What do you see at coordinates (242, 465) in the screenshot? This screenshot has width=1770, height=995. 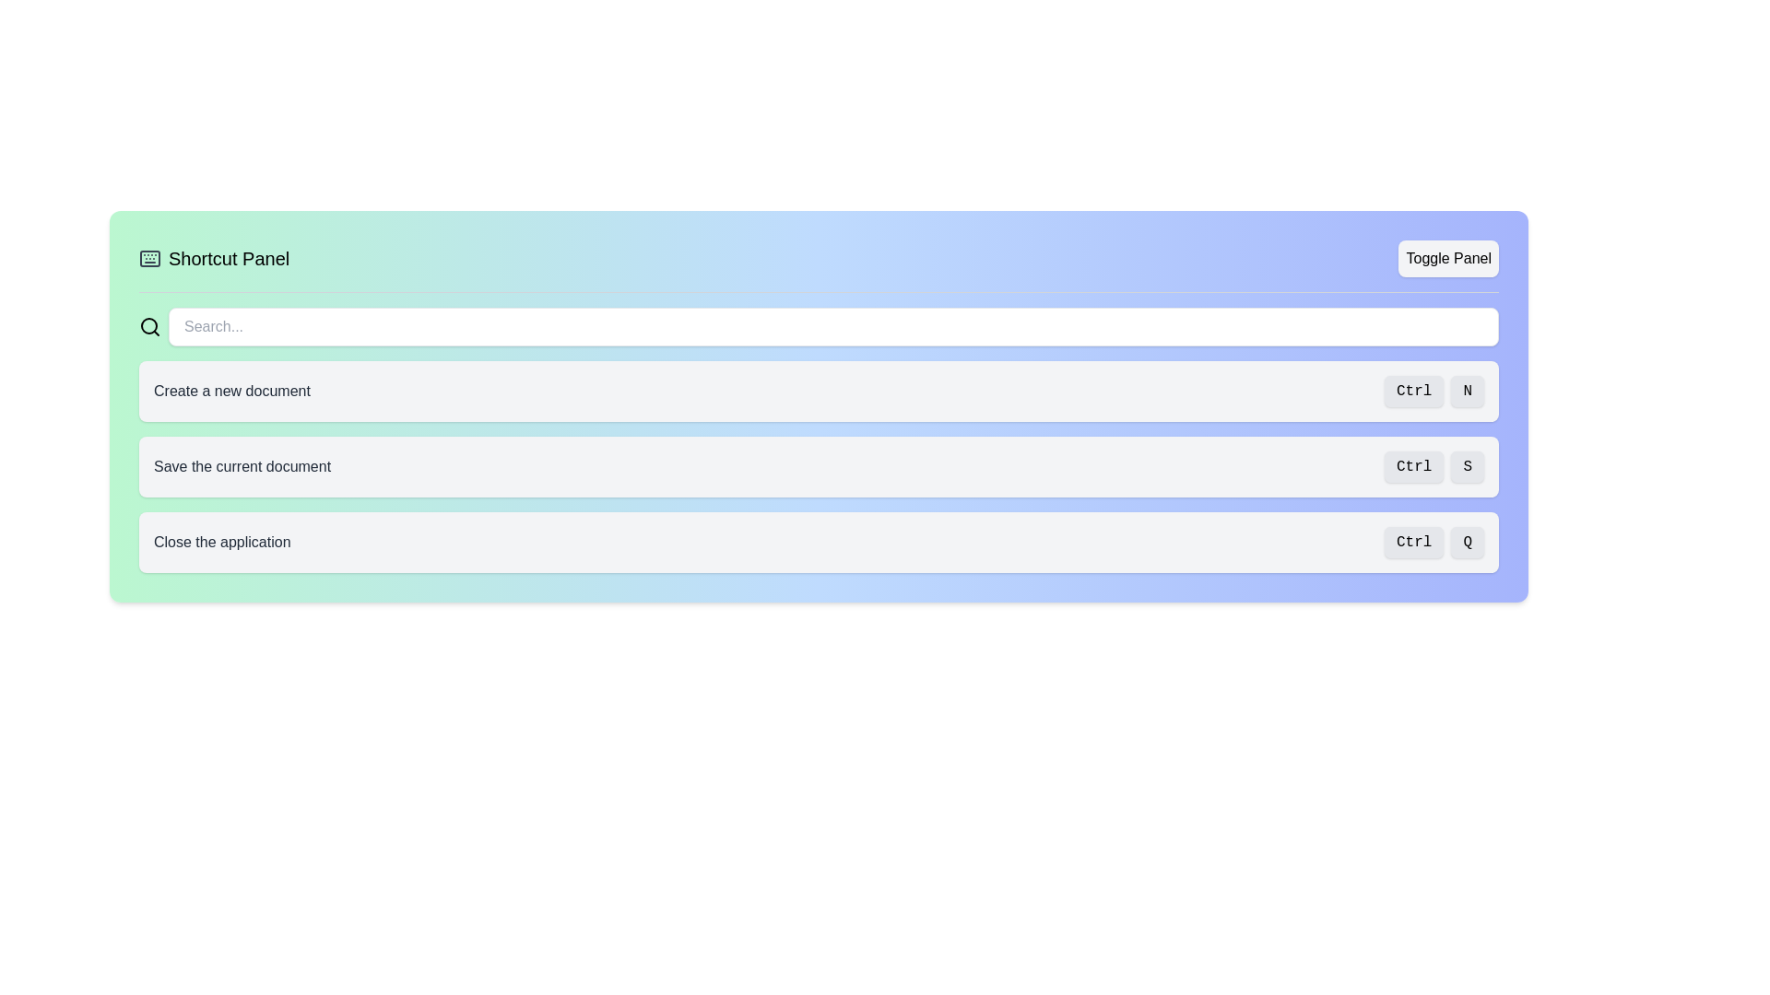 I see `the static text label that describes the functionality for saving the current document, positioned within the Shortcut Panel, aligned to the left and between the 'Create a new document' item and the hotkey shortcut display (Ctrl S)` at bounding box center [242, 465].